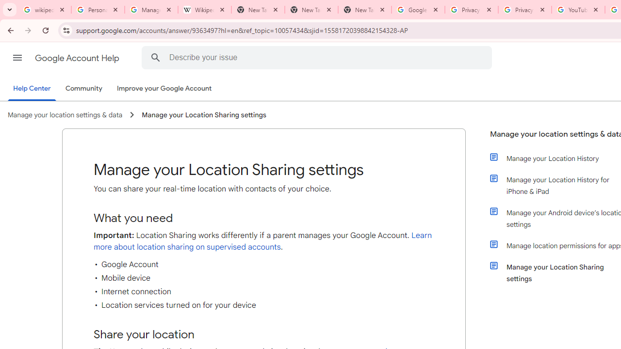  I want to click on 'New Tab', so click(311, 10).